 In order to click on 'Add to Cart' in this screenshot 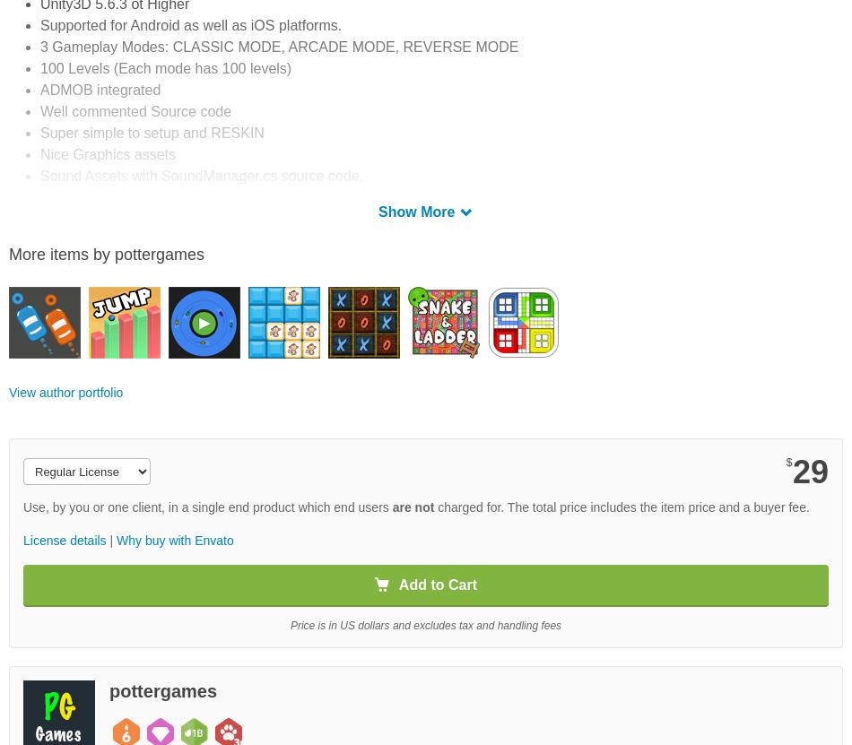, I will do `click(397, 584)`.